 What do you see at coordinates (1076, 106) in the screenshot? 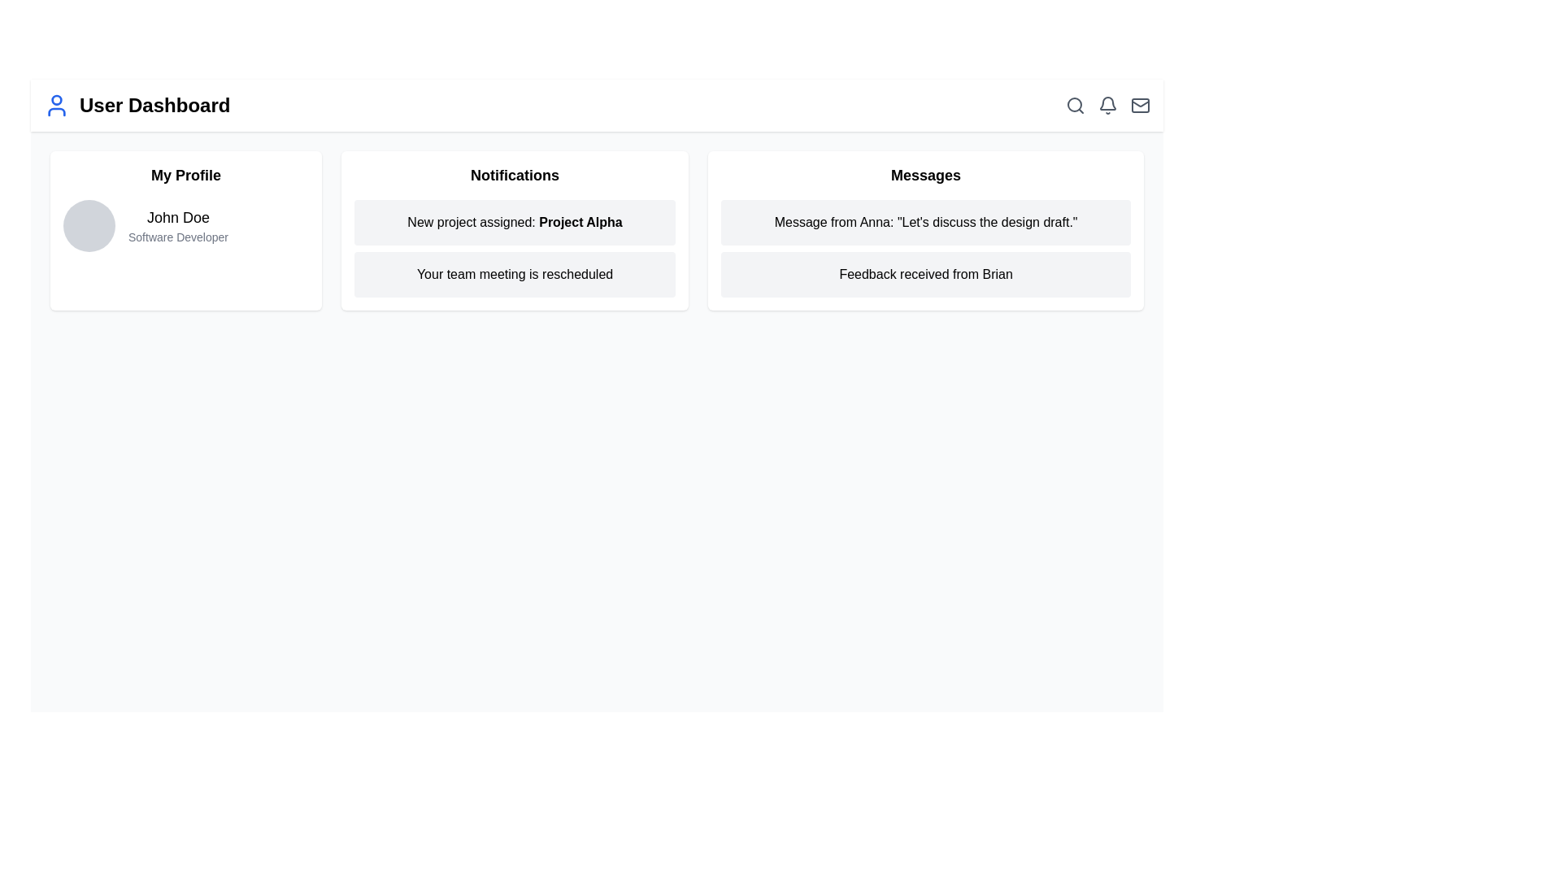
I see `the search icon button located in the top right corner of the interface, adjacent to the bell icon and part of a group of three icons` at bounding box center [1076, 106].